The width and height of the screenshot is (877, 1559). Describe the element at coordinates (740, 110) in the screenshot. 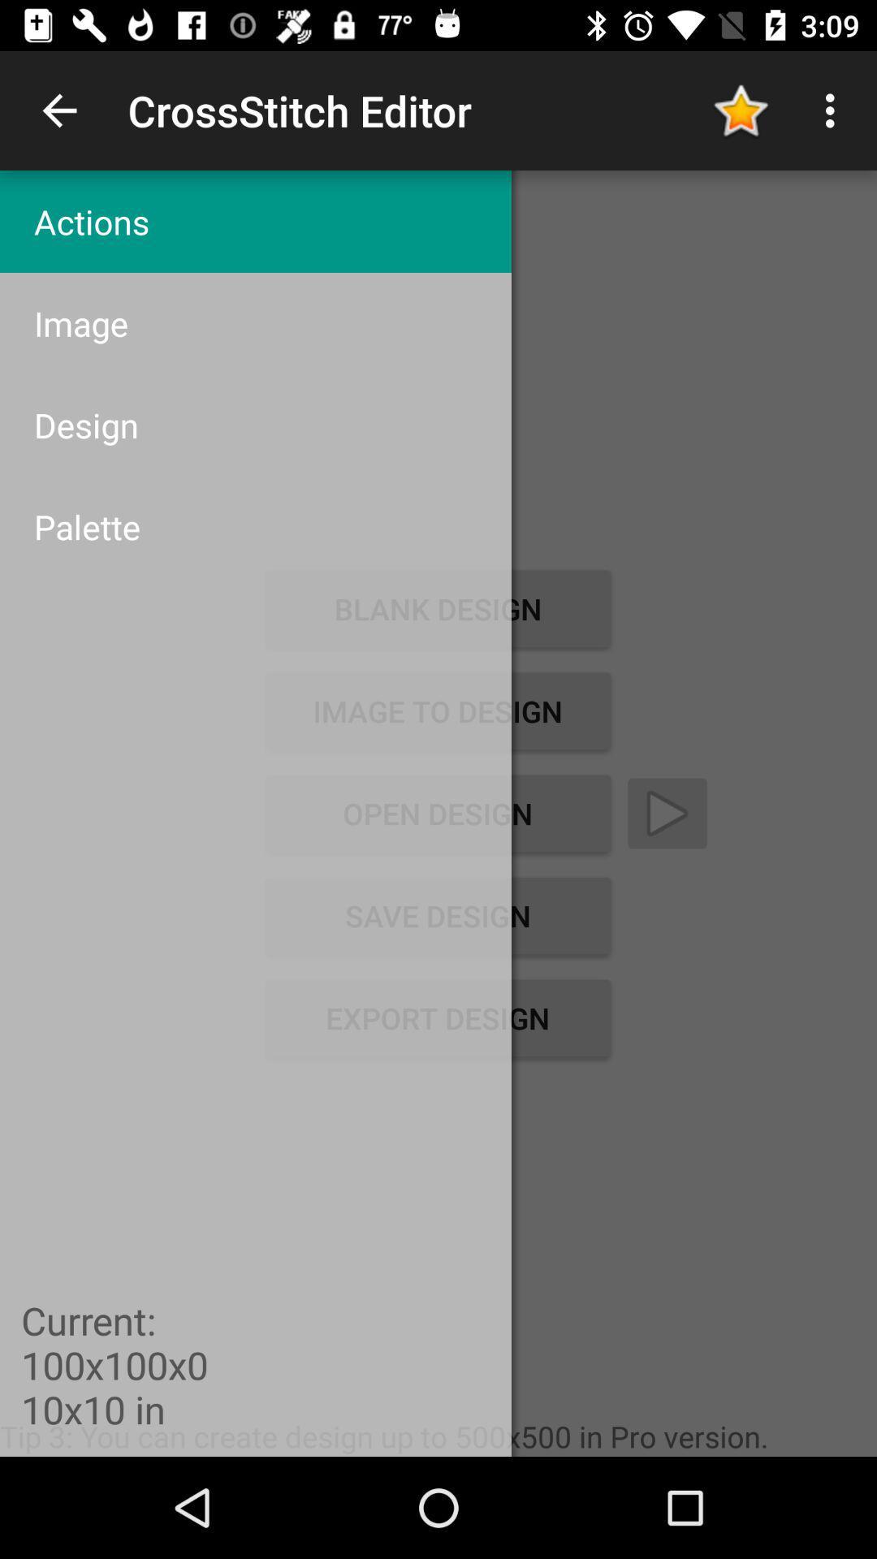

I see `item to the right of the actions icon` at that location.